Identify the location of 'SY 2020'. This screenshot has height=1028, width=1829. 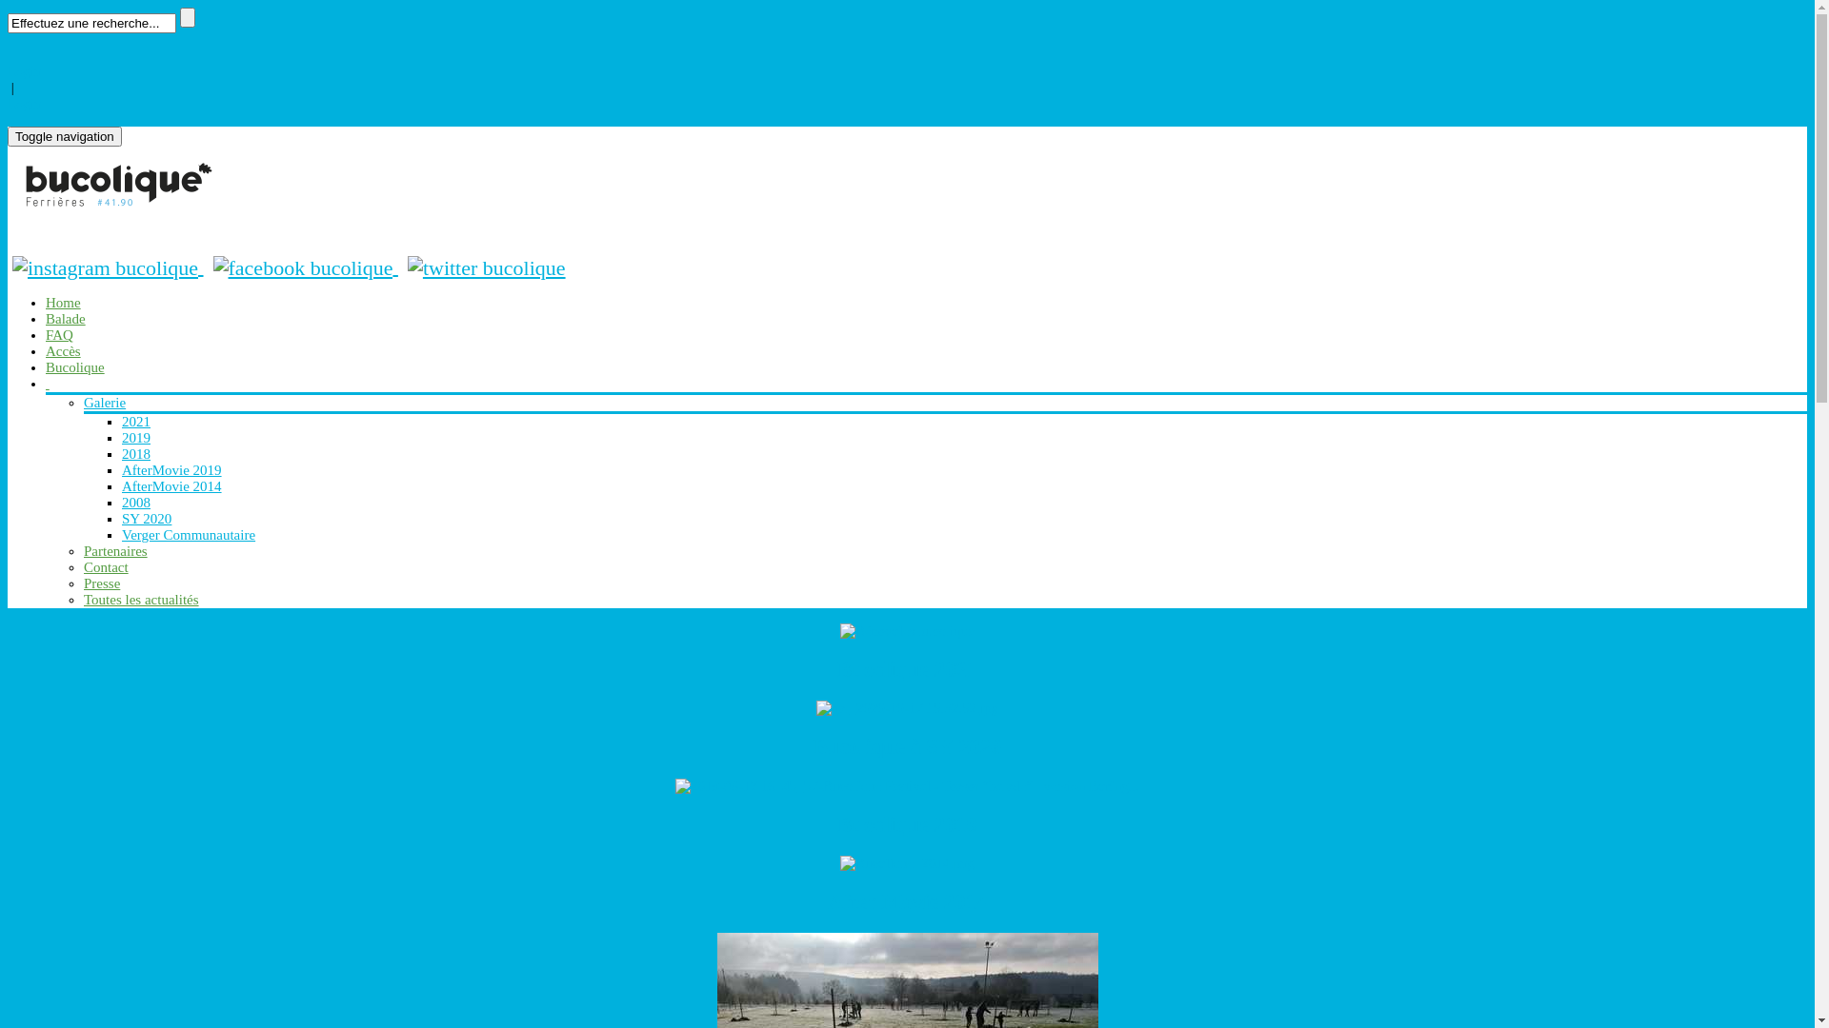
(121, 518).